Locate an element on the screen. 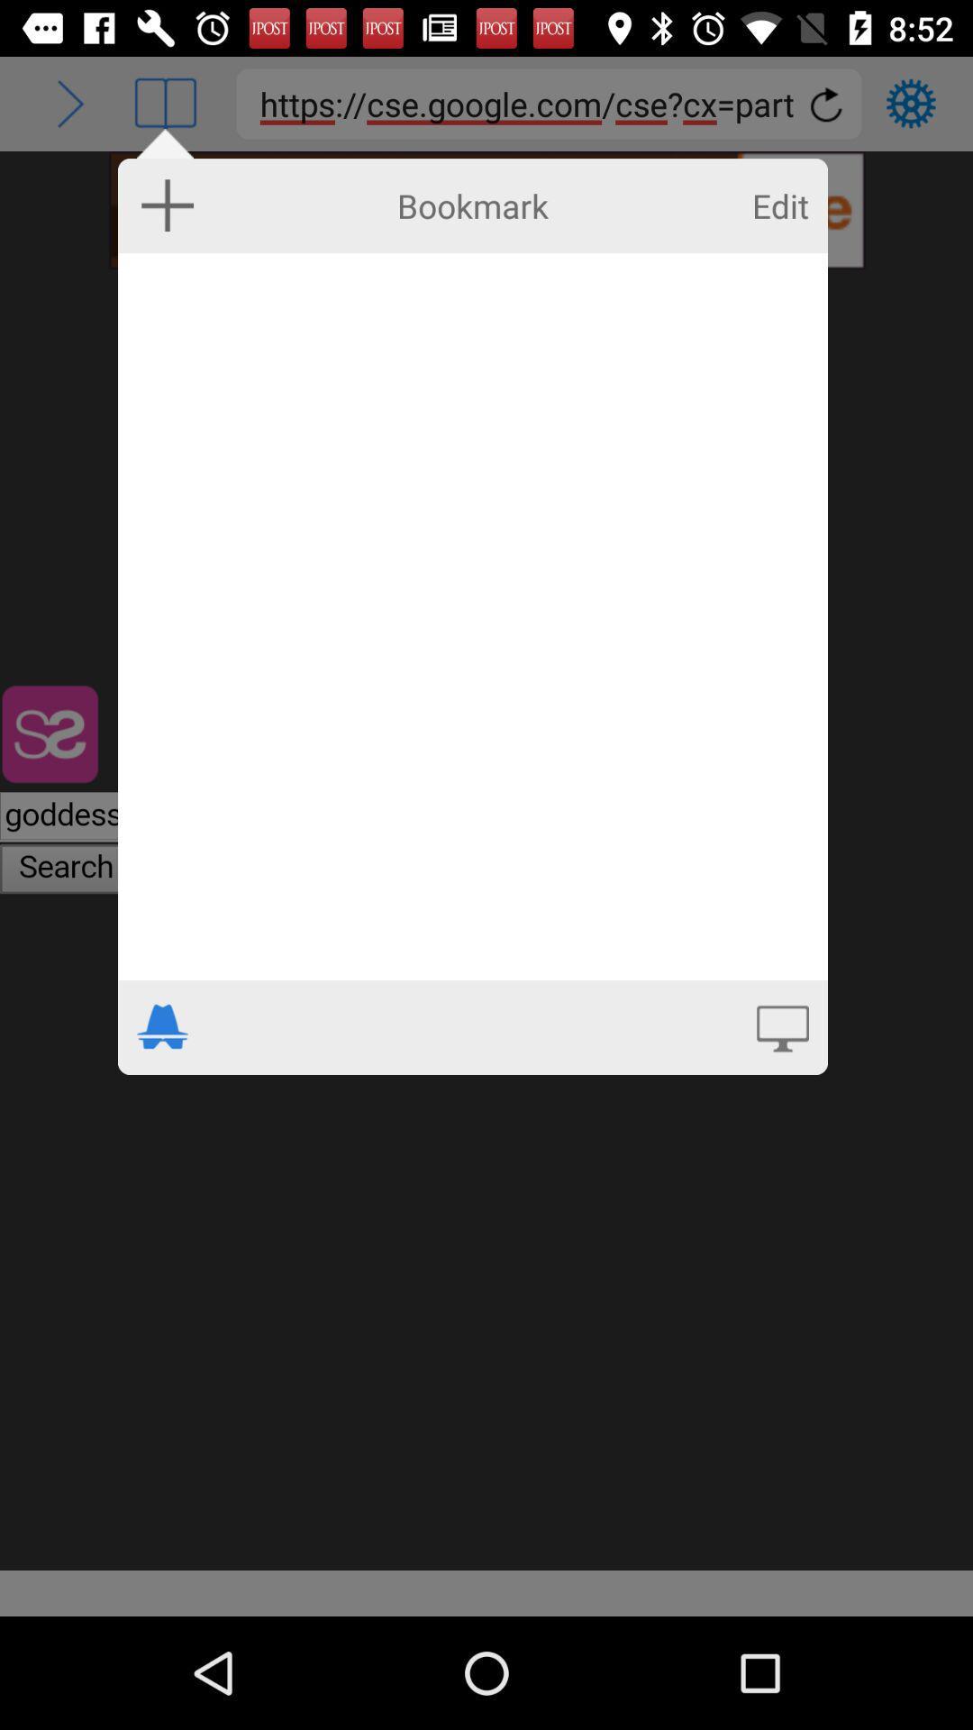 The width and height of the screenshot is (973, 1730). bookmark box is located at coordinates (471, 616).